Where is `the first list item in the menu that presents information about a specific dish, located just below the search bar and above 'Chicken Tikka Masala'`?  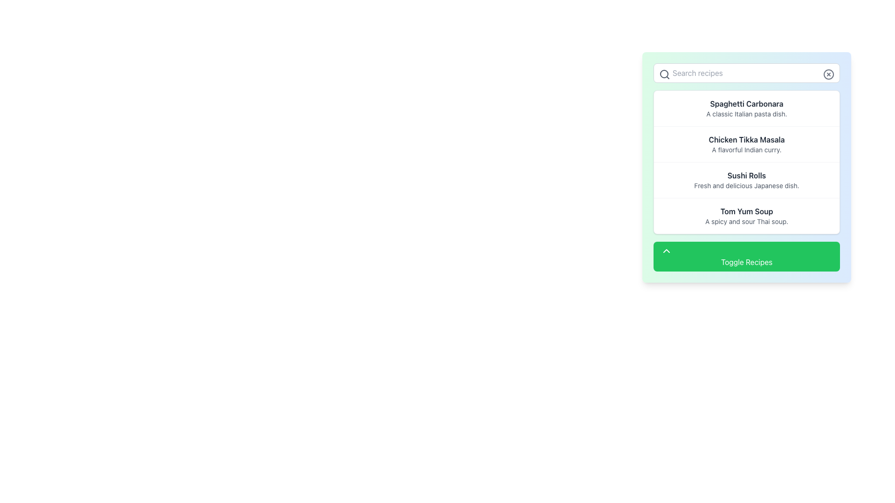 the first list item in the menu that presents information about a specific dish, located just below the search bar and above 'Chicken Tikka Masala' is located at coordinates (747, 108).